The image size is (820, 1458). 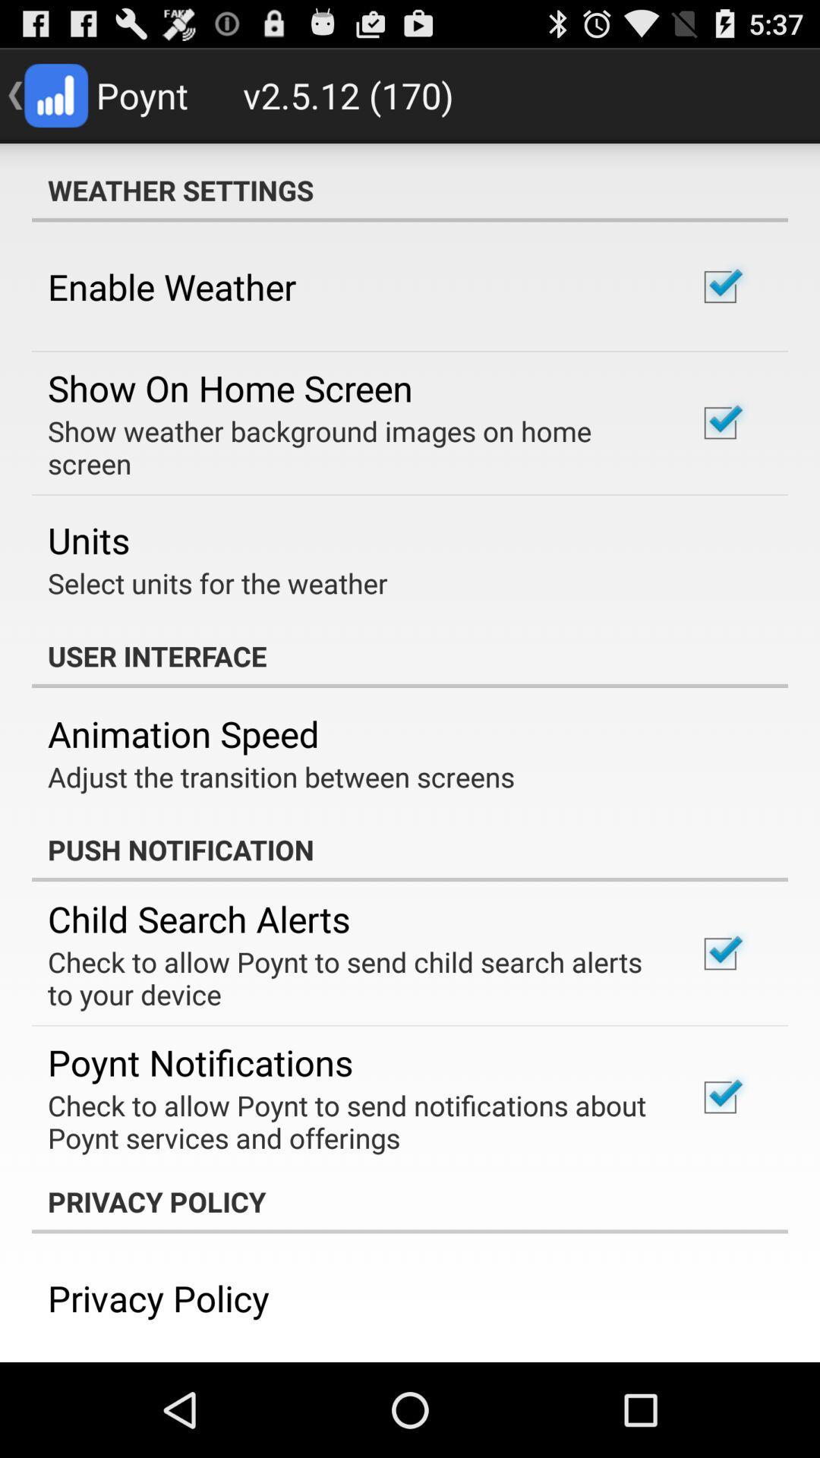 What do you see at coordinates (171, 286) in the screenshot?
I see `the enable weather item` at bounding box center [171, 286].